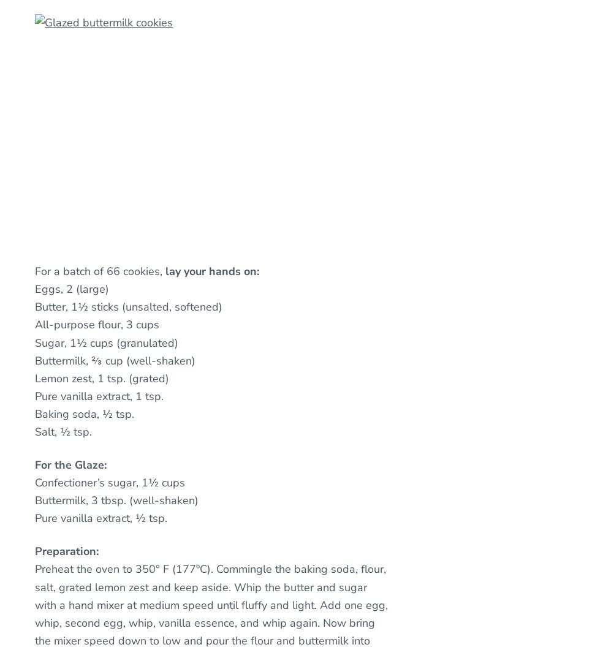  What do you see at coordinates (63, 431) in the screenshot?
I see `'Salt, ½ tsp.'` at bounding box center [63, 431].